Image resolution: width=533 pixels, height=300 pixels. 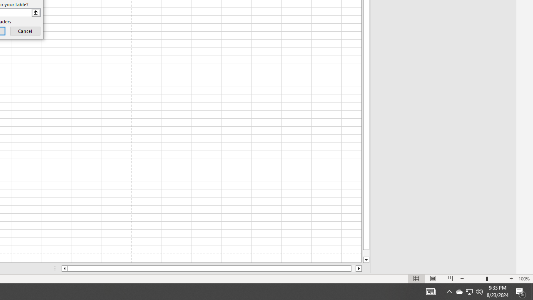 What do you see at coordinates (366, 253) in the screenshot?
I see `'Page down'` at bounding box center [366, 253].